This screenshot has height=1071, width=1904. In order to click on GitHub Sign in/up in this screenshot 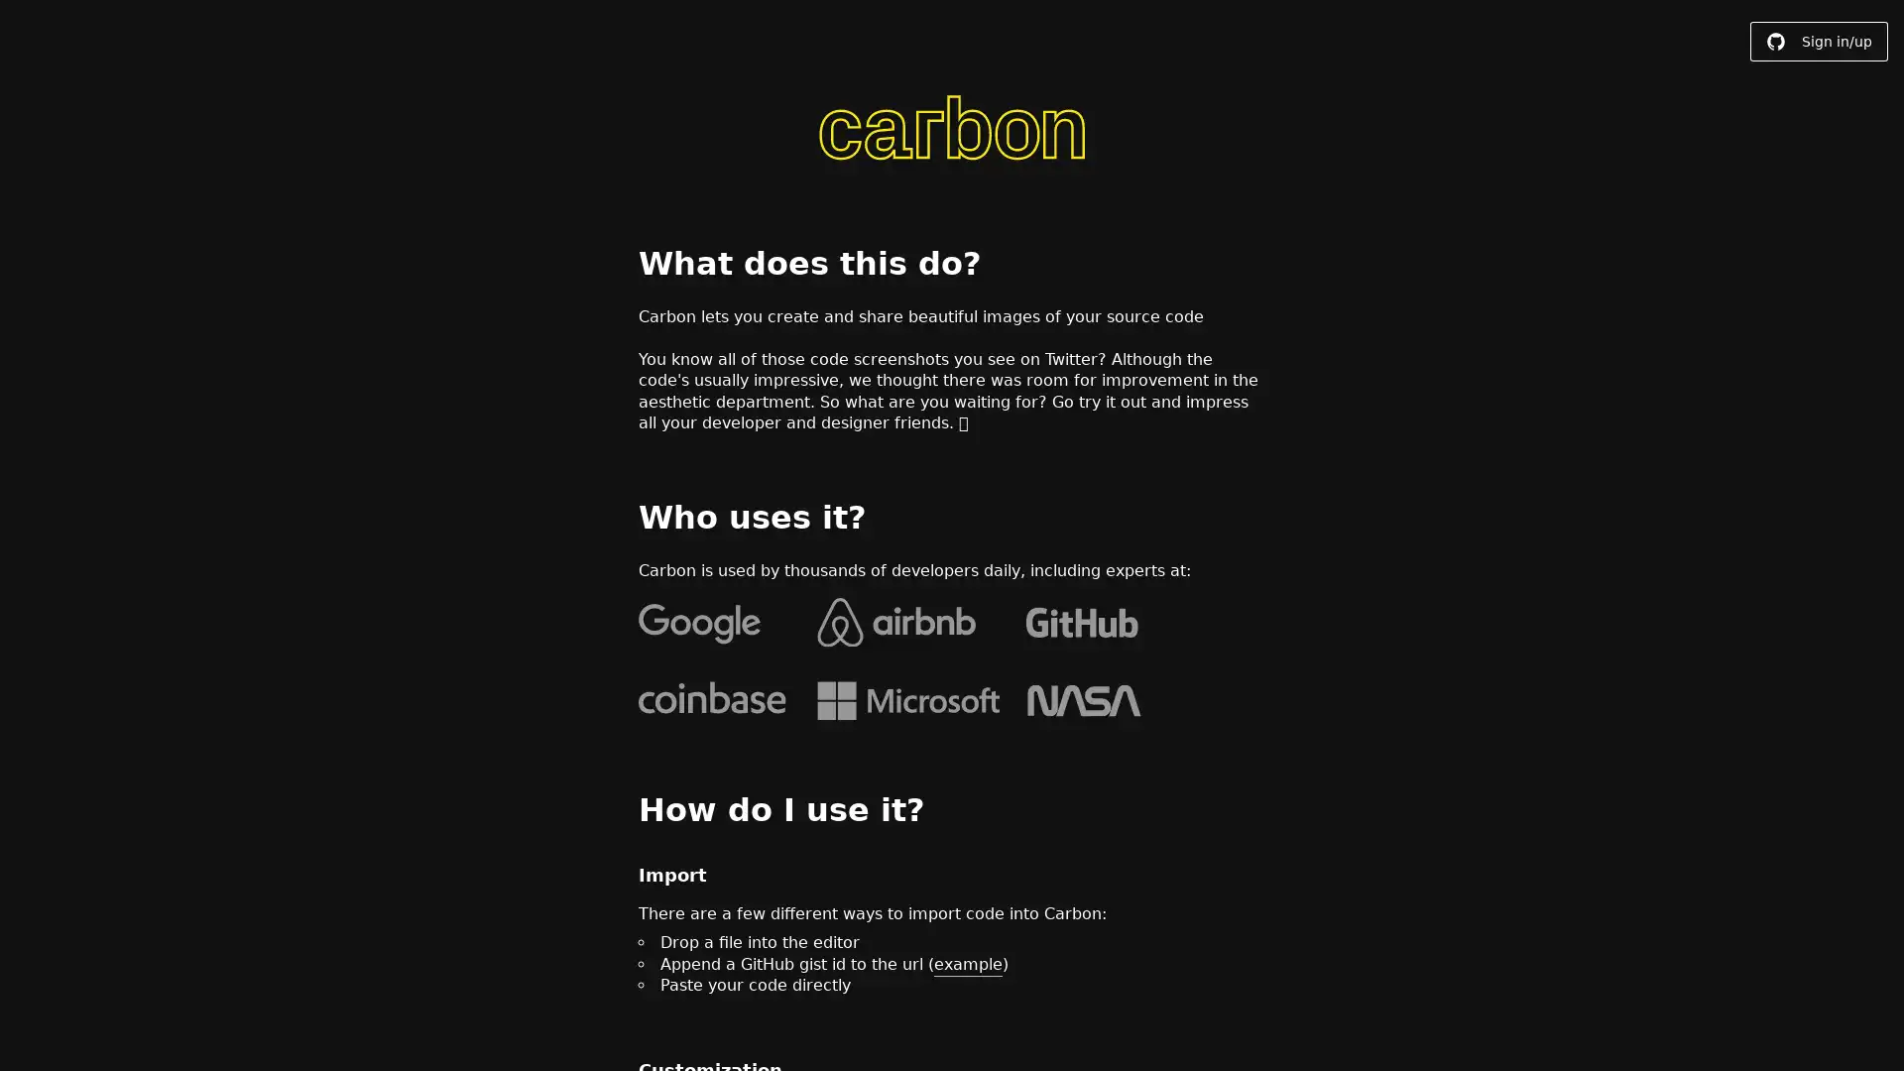, I will do `click(1819, 42)`.